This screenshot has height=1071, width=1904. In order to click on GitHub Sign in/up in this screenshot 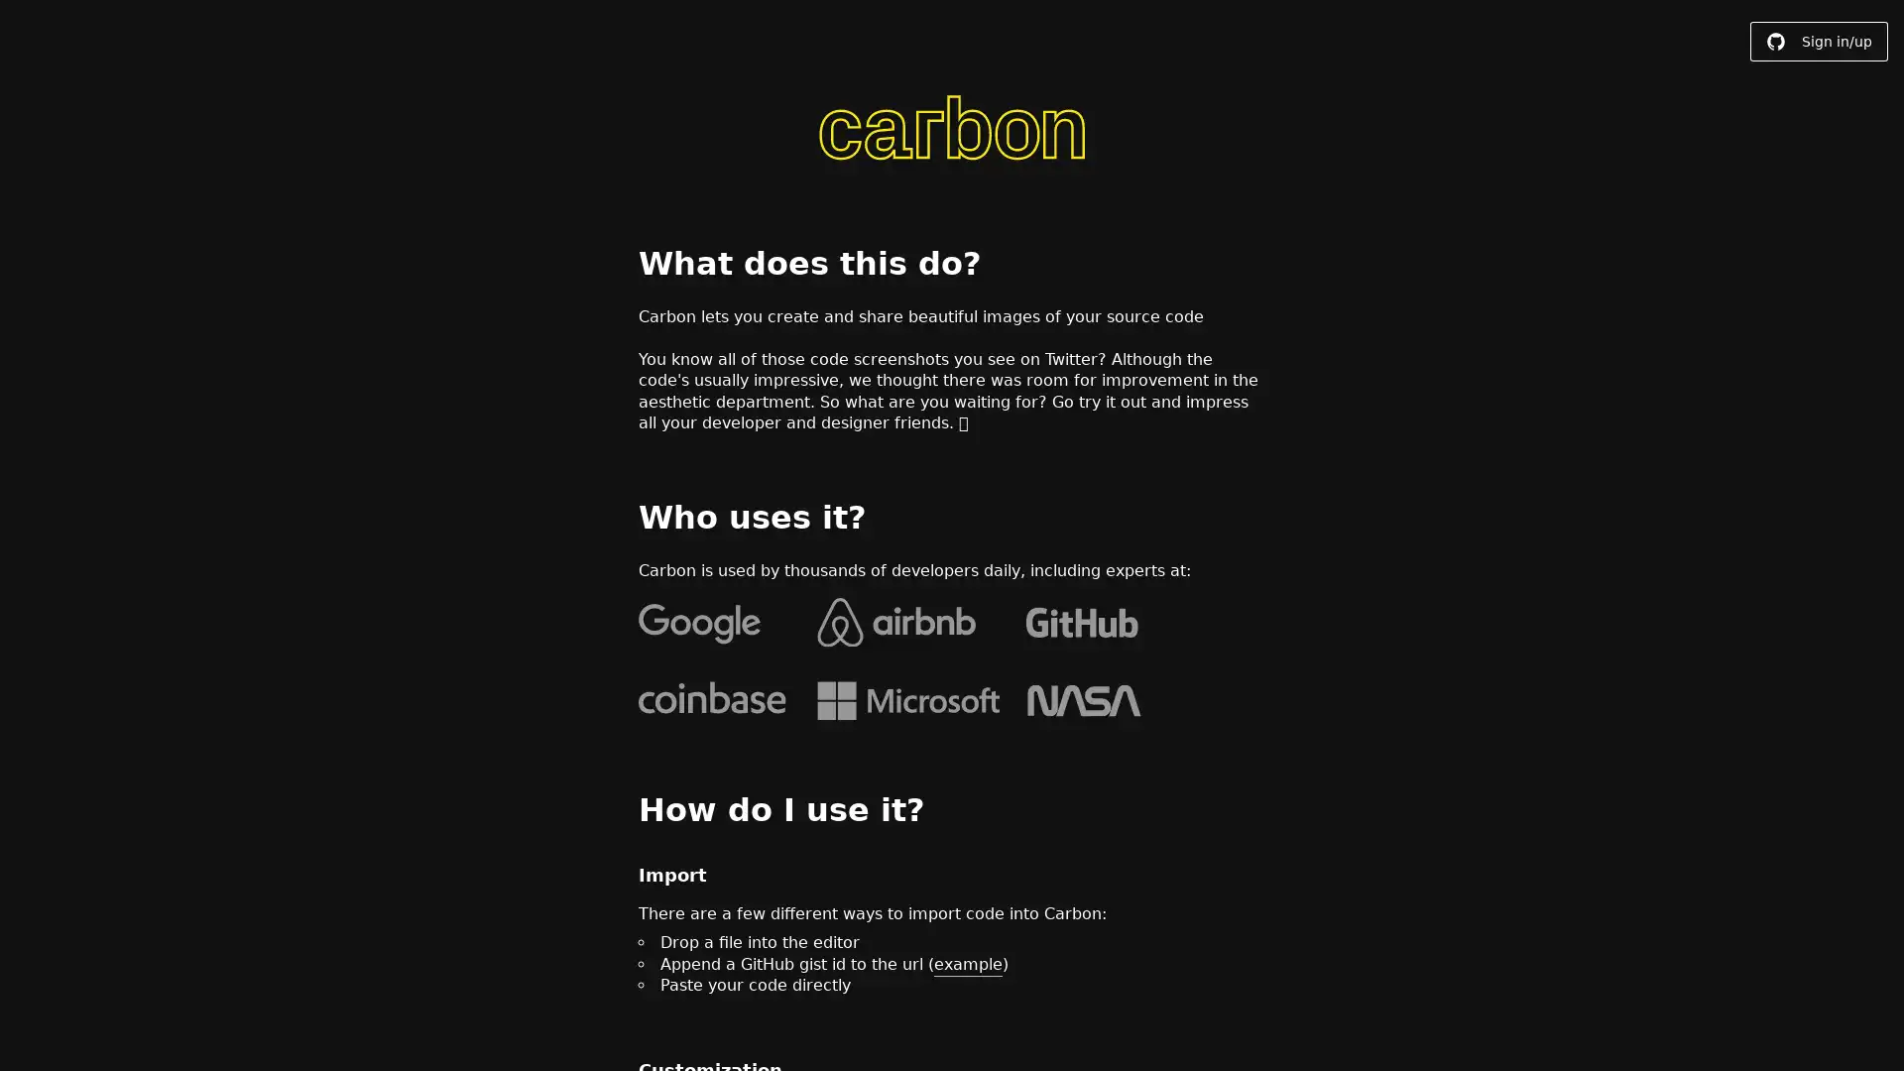, I will do `click(1819, 42)`.